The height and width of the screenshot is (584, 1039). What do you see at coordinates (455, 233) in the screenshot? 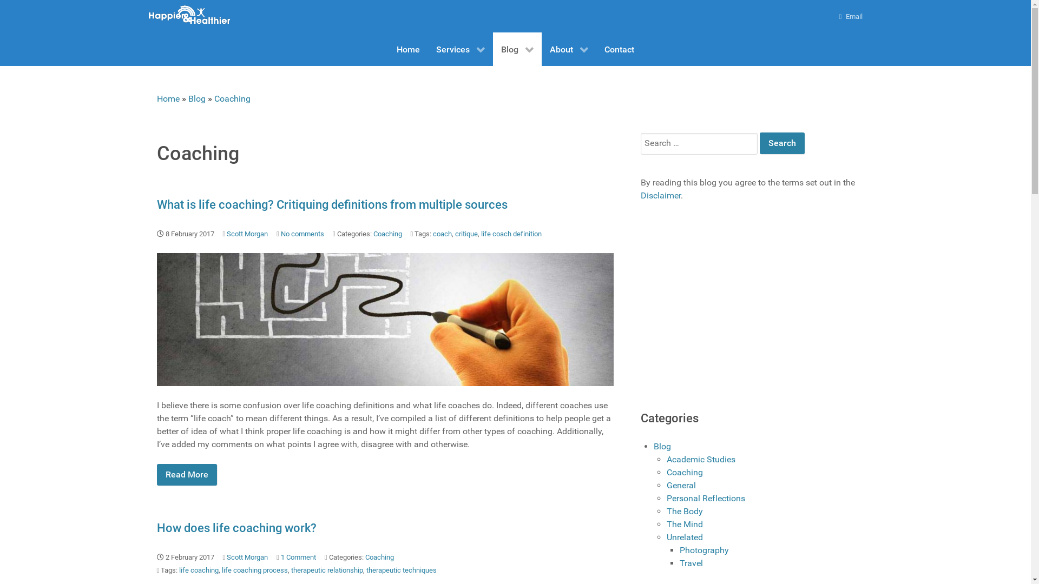
I see `'critique'` at bounding box center [455, 233].